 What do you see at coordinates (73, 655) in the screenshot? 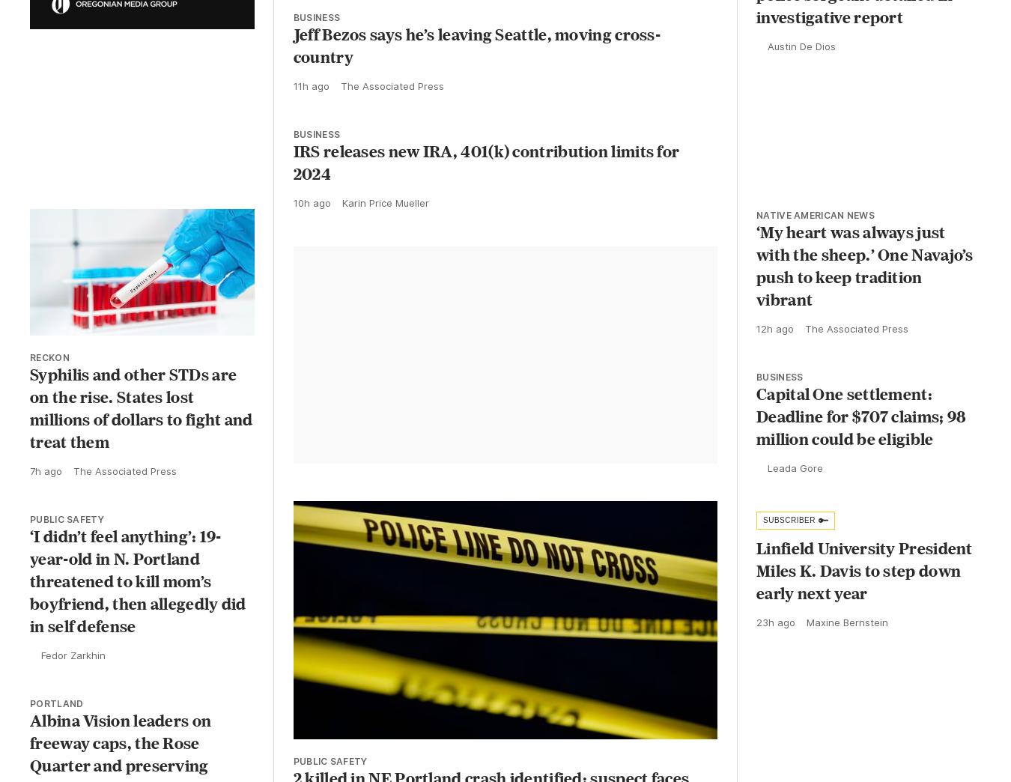
I see `'Fedor Zarkhin'` at bounding box center [73, 655].